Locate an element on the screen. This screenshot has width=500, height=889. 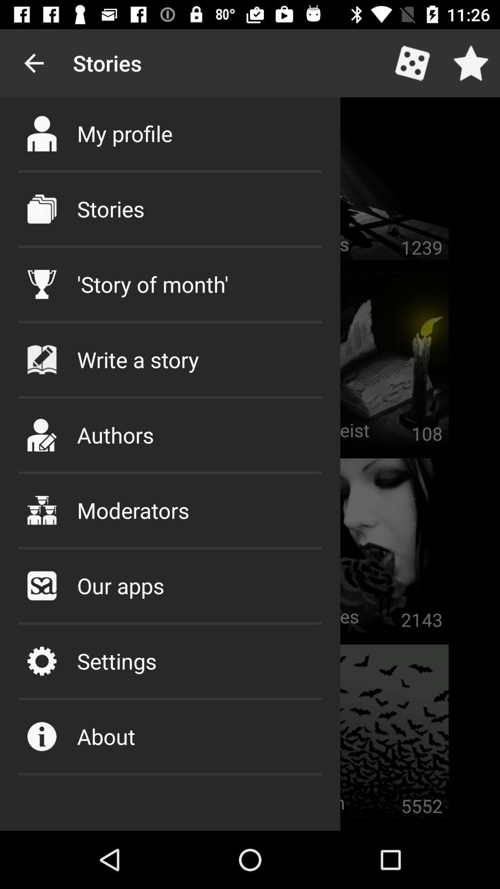
the third icon from top under stories is located at coordinates (42, 284).